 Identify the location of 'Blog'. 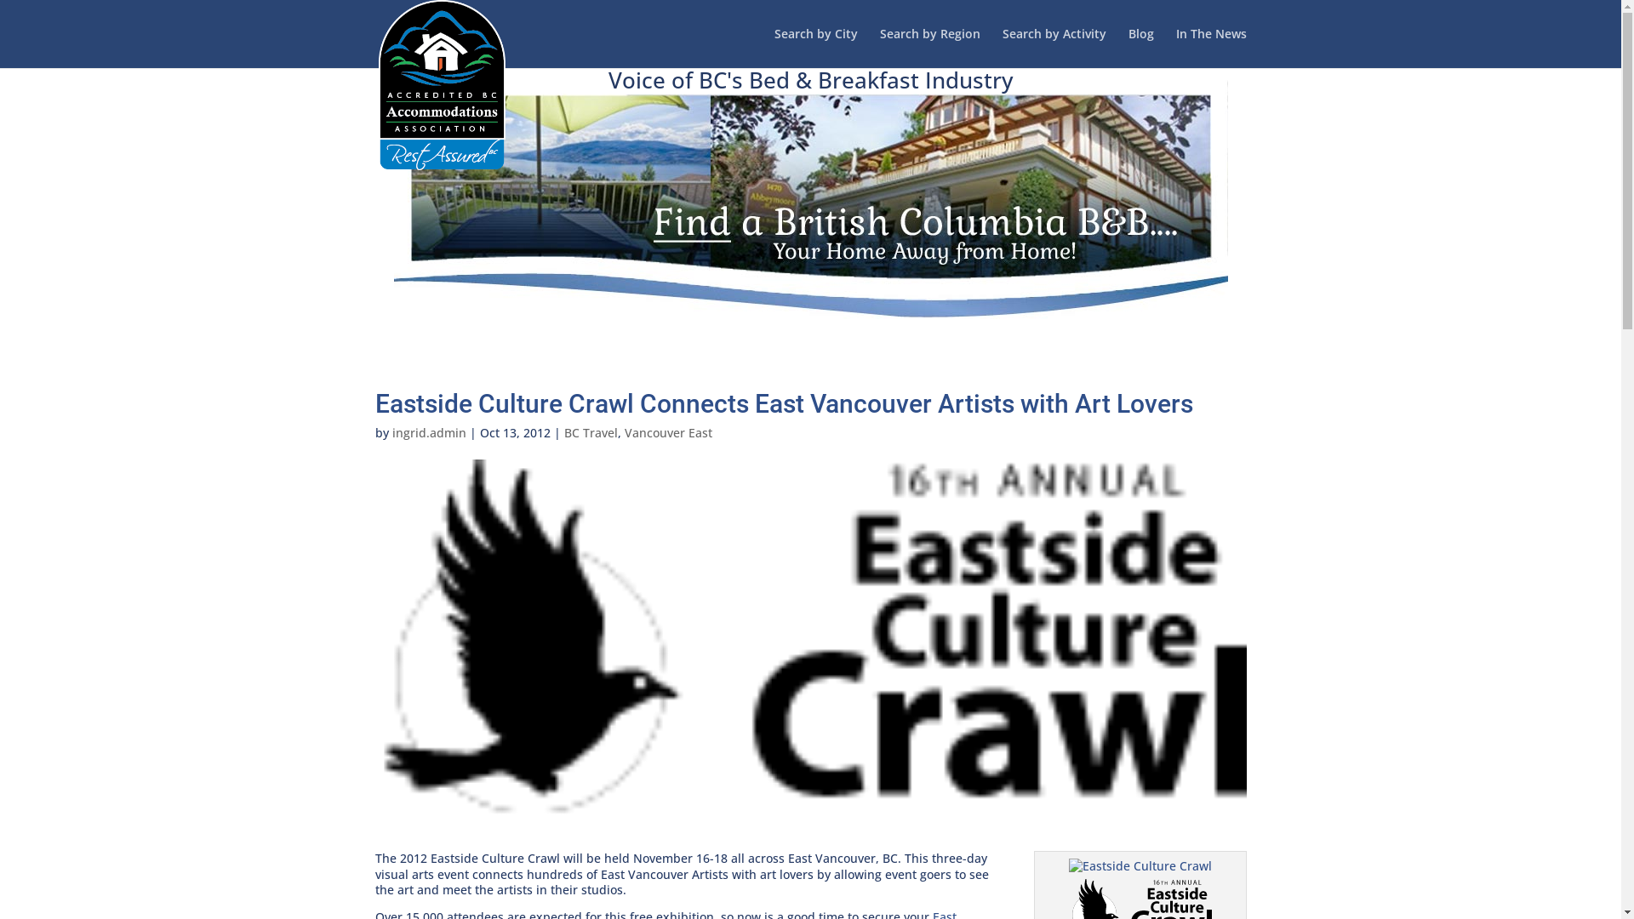
(1128, 47).